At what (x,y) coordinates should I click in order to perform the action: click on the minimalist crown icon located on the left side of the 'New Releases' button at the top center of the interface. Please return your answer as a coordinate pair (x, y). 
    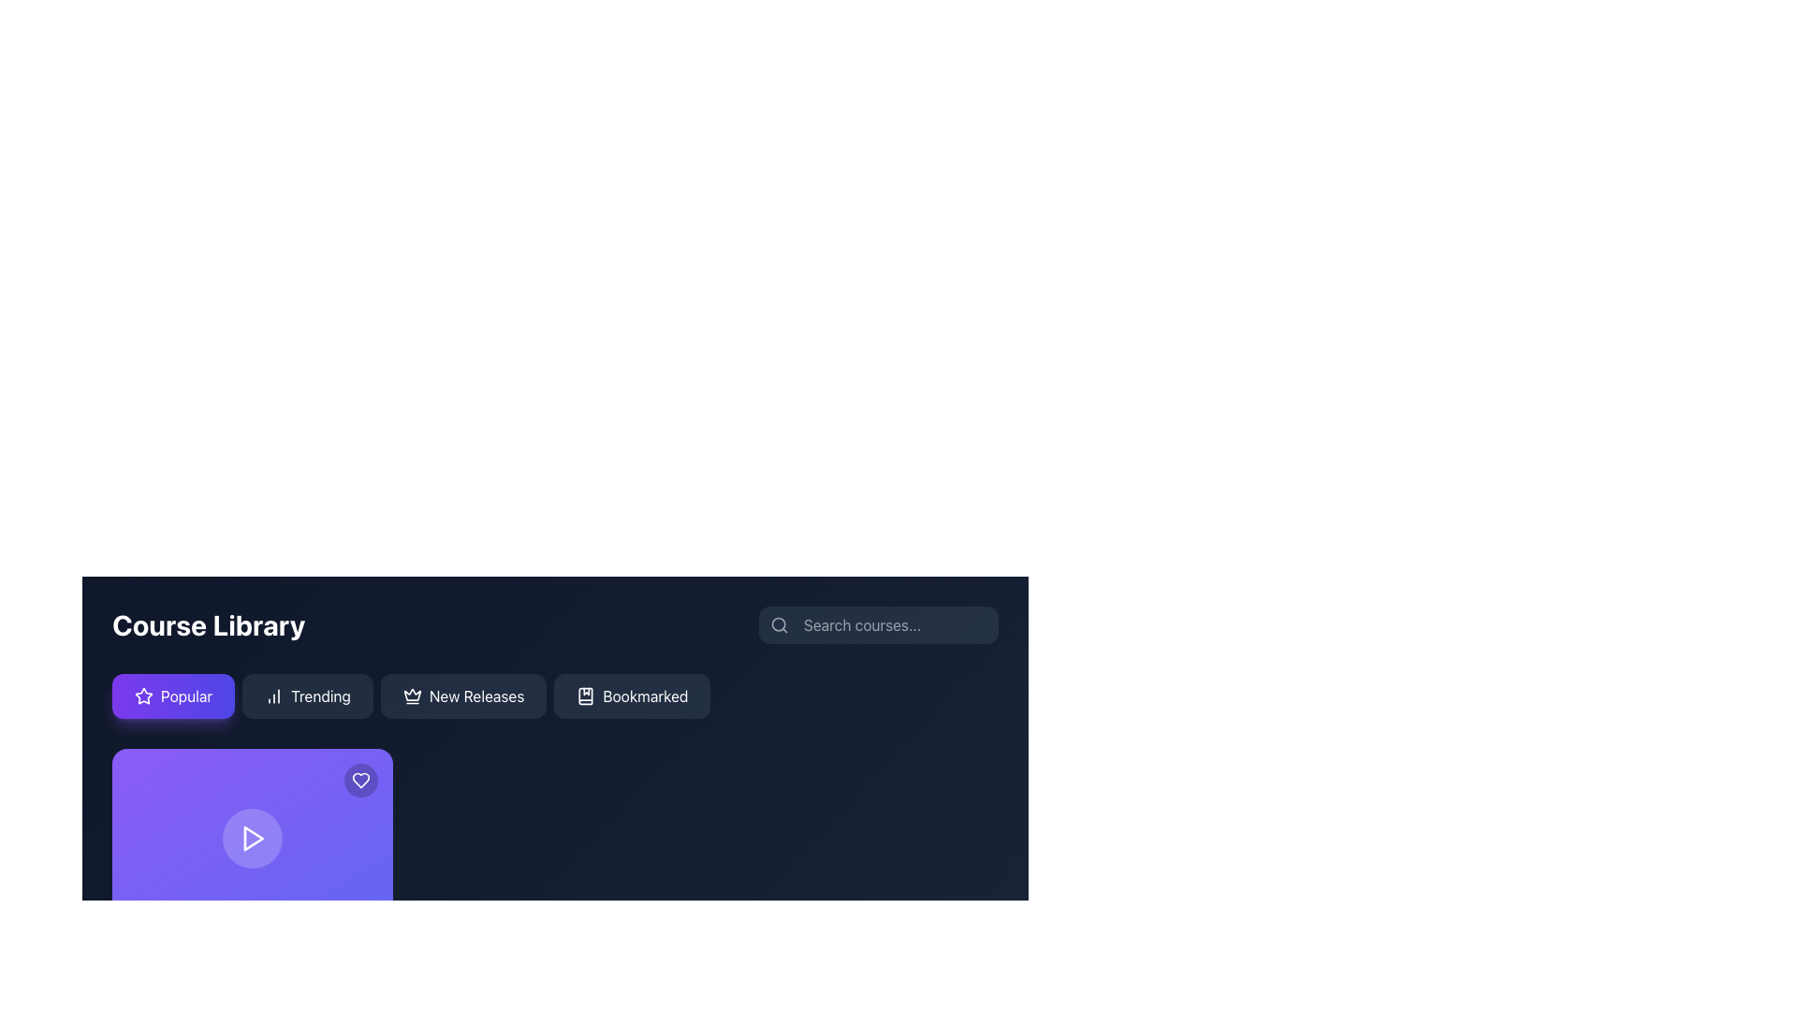
    Looking at the image, I should click on (412, 696).